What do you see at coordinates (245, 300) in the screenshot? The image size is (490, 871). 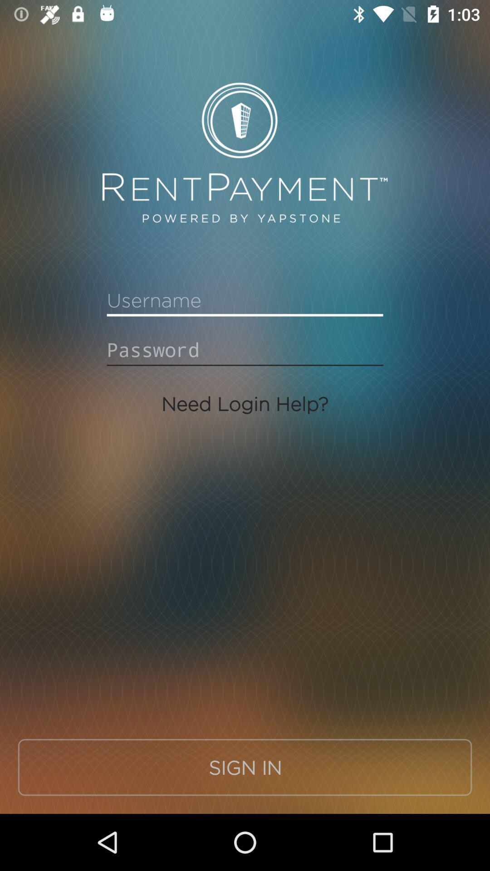 I see `user name` at bounding box center [245, 300].